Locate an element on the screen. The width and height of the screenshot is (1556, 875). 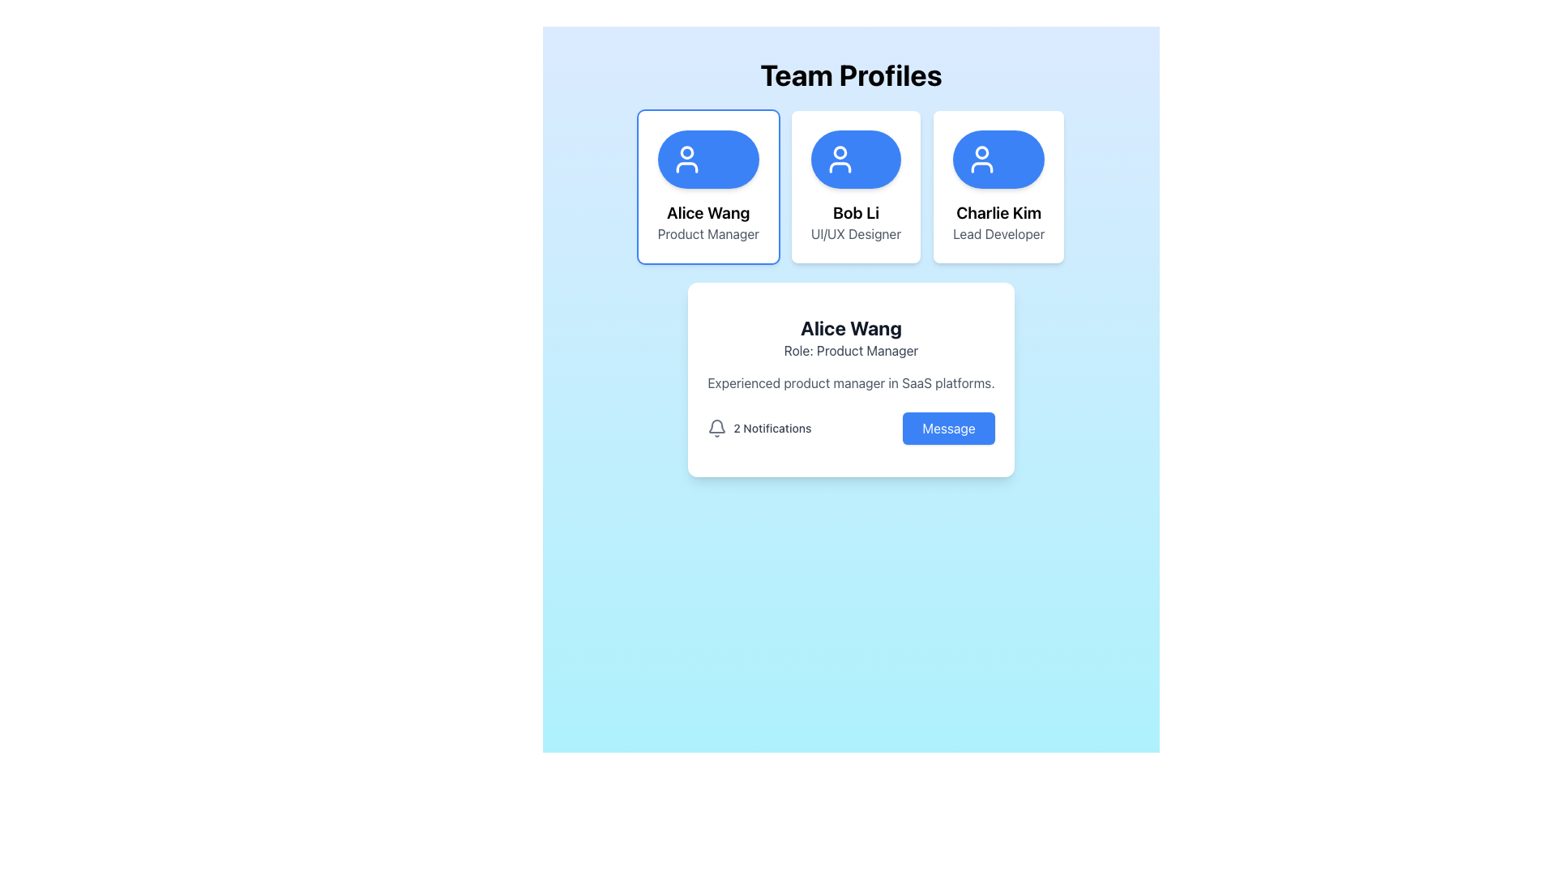
the text label displaying 'Product Manager' located below the name 'Alice Wang' in the profile card is located at coordinates (708, 234).